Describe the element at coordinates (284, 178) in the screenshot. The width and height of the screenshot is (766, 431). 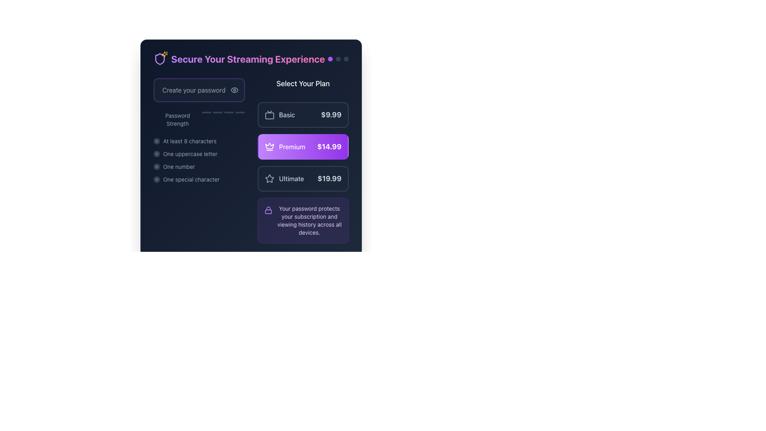
I see `the 'Ultimate' subscription plan option, which is the third element in the vertical list of subscription plans located under the section 'Select Your Plan', adjacent to the text '$19.99'` at that location.